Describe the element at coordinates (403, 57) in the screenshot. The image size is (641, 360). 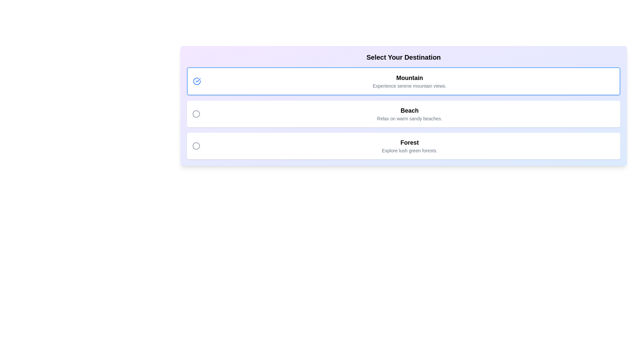
I see `text of the heading that says 'Select Your Destination', which is a bold and large font positioned at the top of a card-like structure` at that location.